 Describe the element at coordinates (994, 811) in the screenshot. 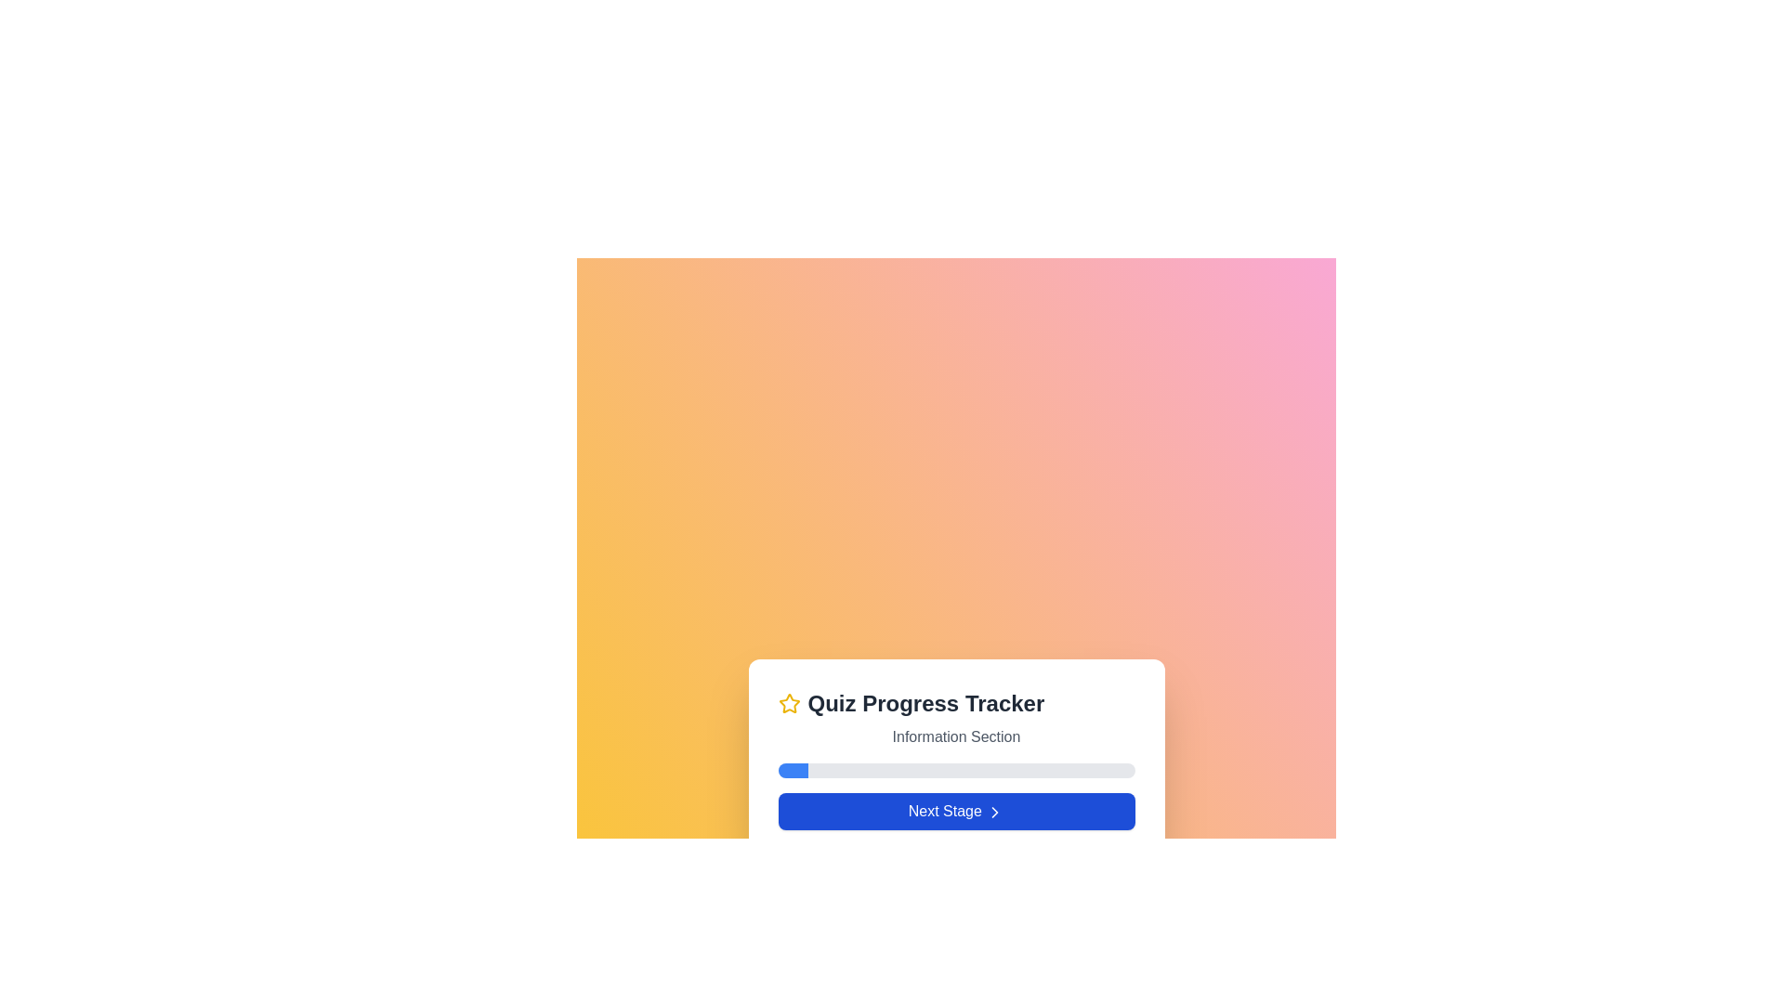

I see `the right-pointing chevron icon located at the far right of the 'Next Stage' button, which is characterized by a minimalist design with a black stroke forming an arrow shape` at that location.